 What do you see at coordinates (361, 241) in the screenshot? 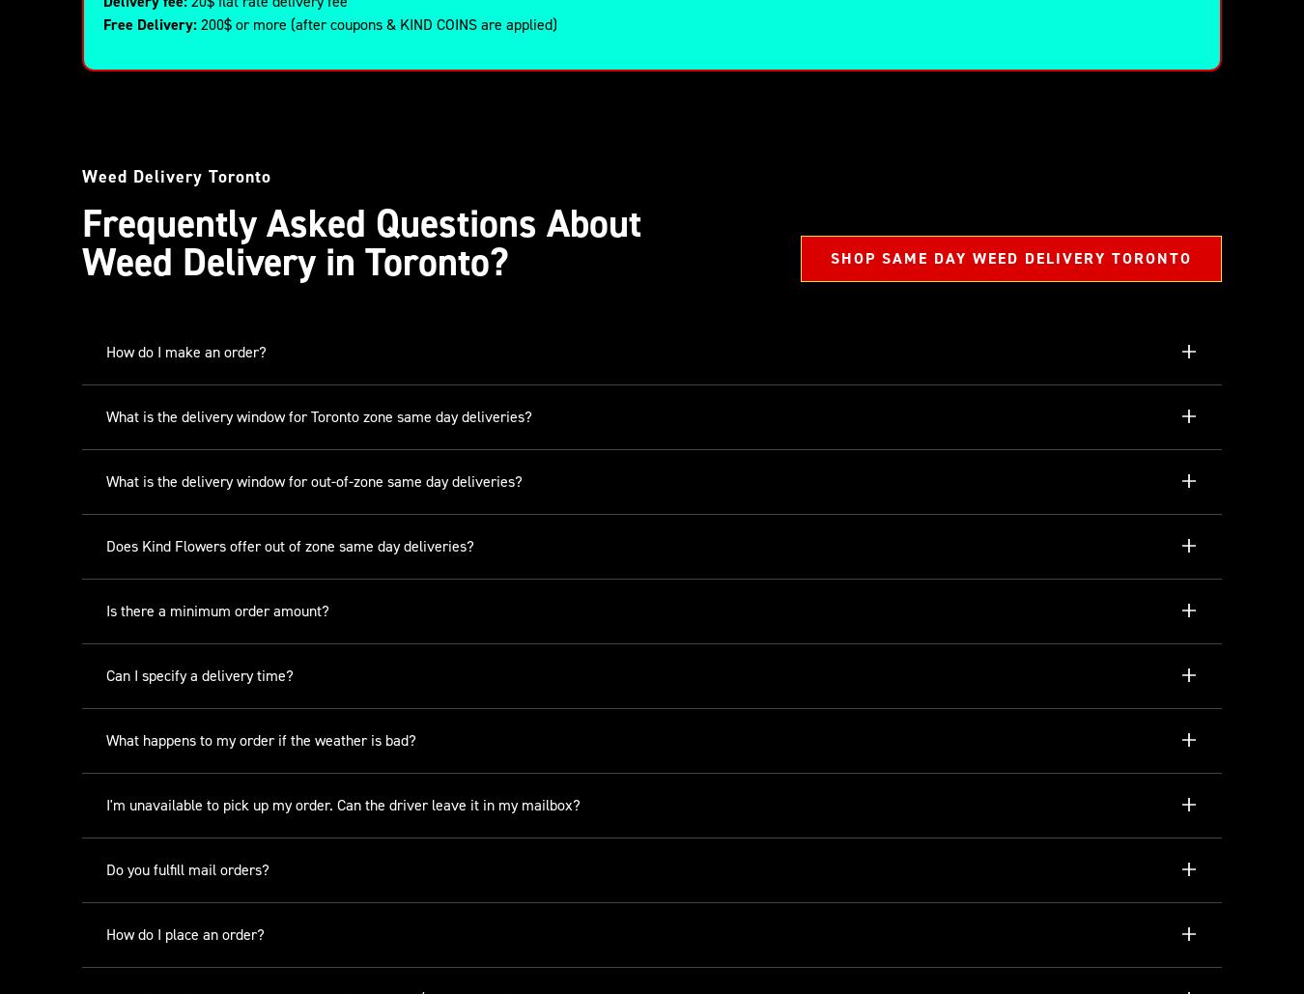
I see `'Frequently Asked Questions About Weed Delivery in Toronto?'` at bounding box center [361, 241].